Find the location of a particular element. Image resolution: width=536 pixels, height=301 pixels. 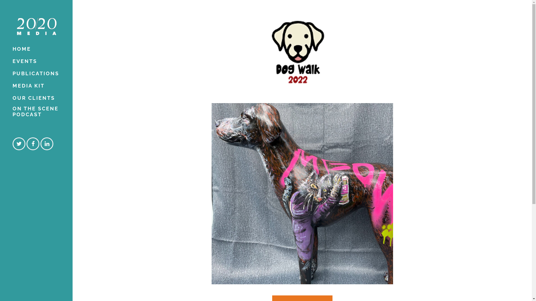

'EVENTS' is located at coordinates (36, 61).